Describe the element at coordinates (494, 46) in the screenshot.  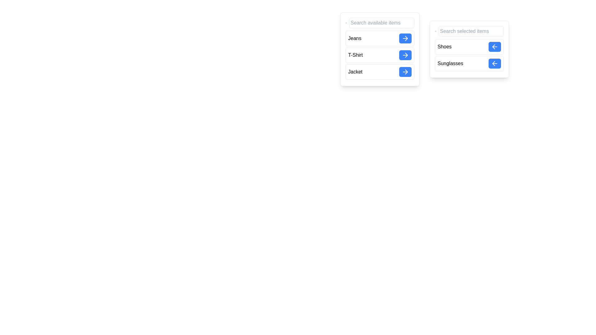
I see `the SVG icon shaped like a leftward-pointing arrow with a bold blue background and white graphical lines, located in the right panel under the 'Search selected items' section beside the text 'Shoes'` at that location.